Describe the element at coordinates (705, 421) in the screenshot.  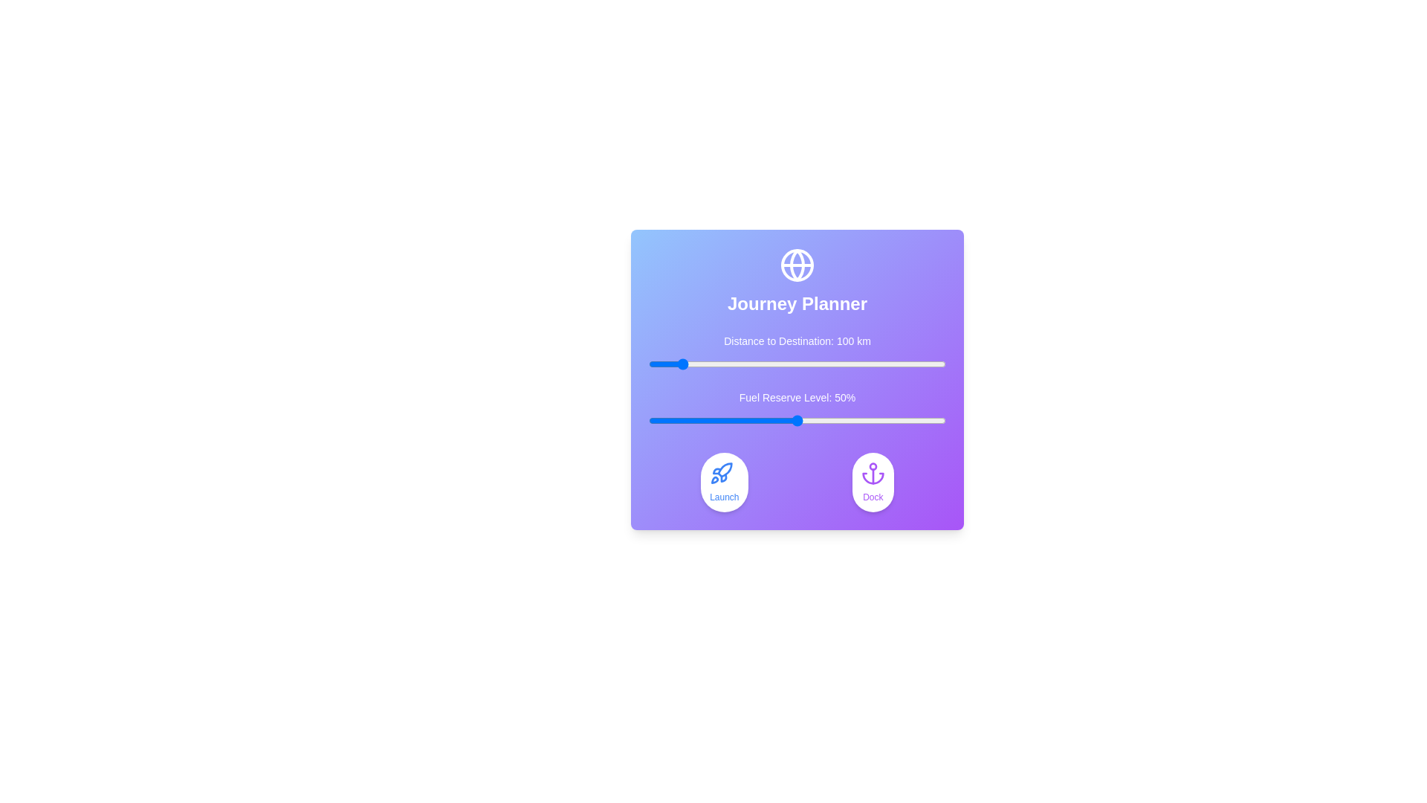
I see `the fuel reserve slider to 19%` at that location.